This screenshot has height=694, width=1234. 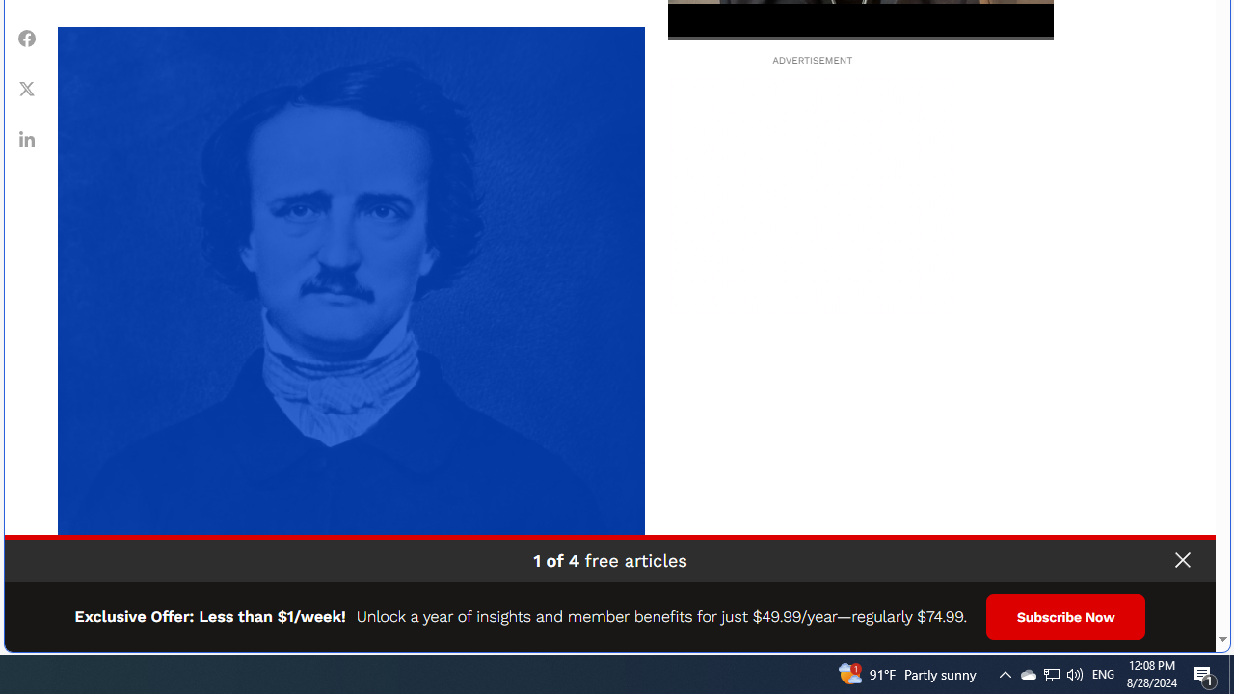 What do you see at coordinates (27, 88) in the screenshot?
I see `'Class: fs-icon fs-icon--xCorp'` at bounding box center [27, 88].